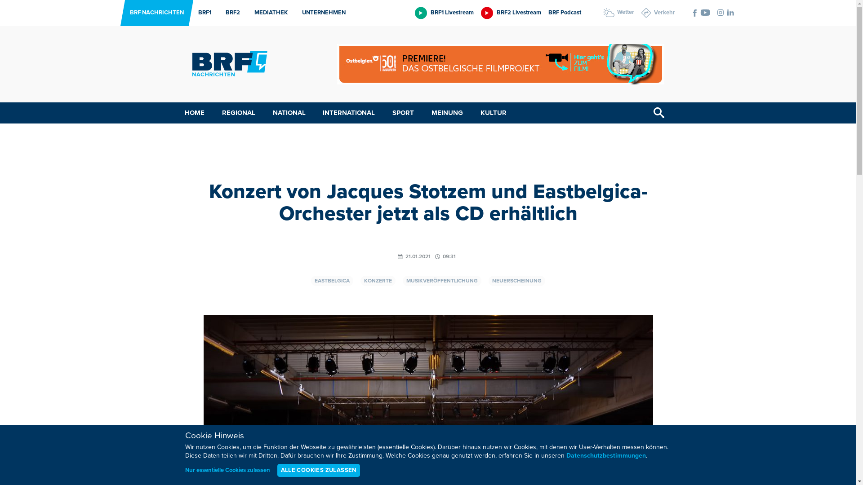 The height and width of the screenshot is (485, 863). What do you see at coordinates (403, 112) in the screenshot?
I see `'SPORT'` at bounding box center [403, 112].